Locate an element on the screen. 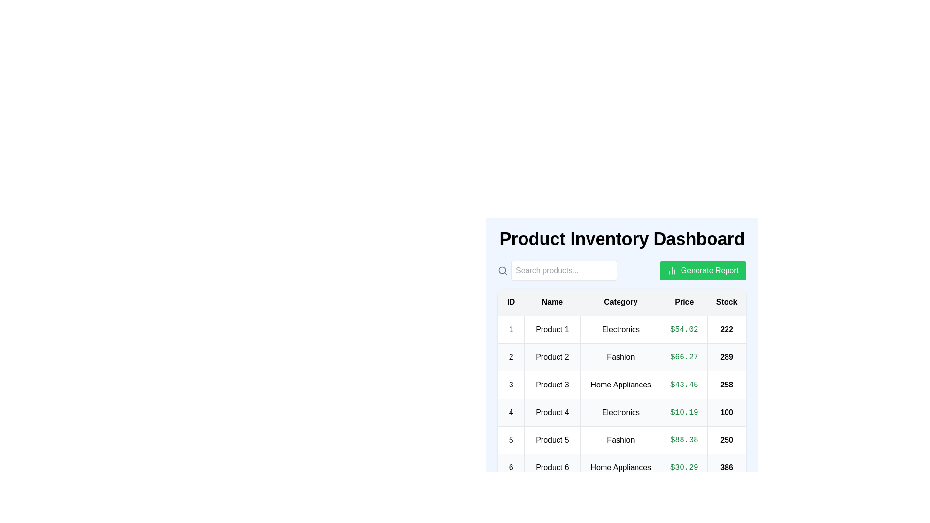 The image size is (930, 523). the header of the column Name to sort the table by that column is located at coordinates (552, 302).